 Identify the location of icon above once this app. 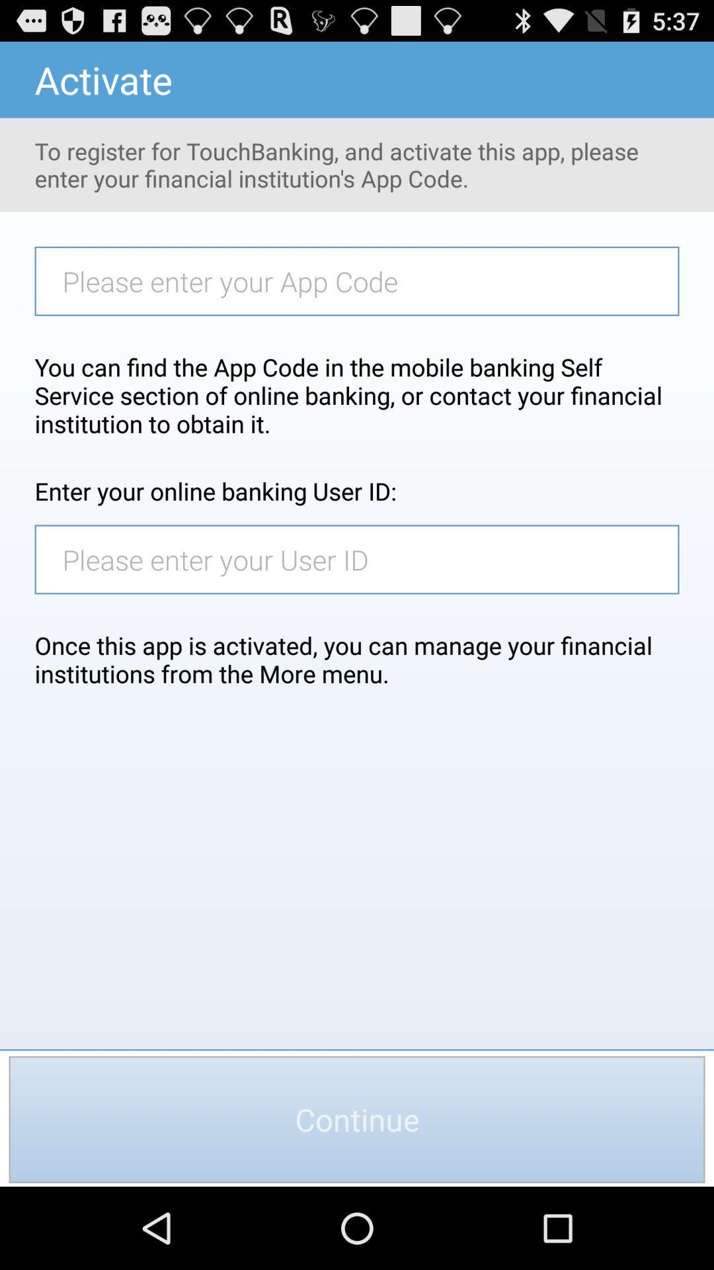
(364, 559).